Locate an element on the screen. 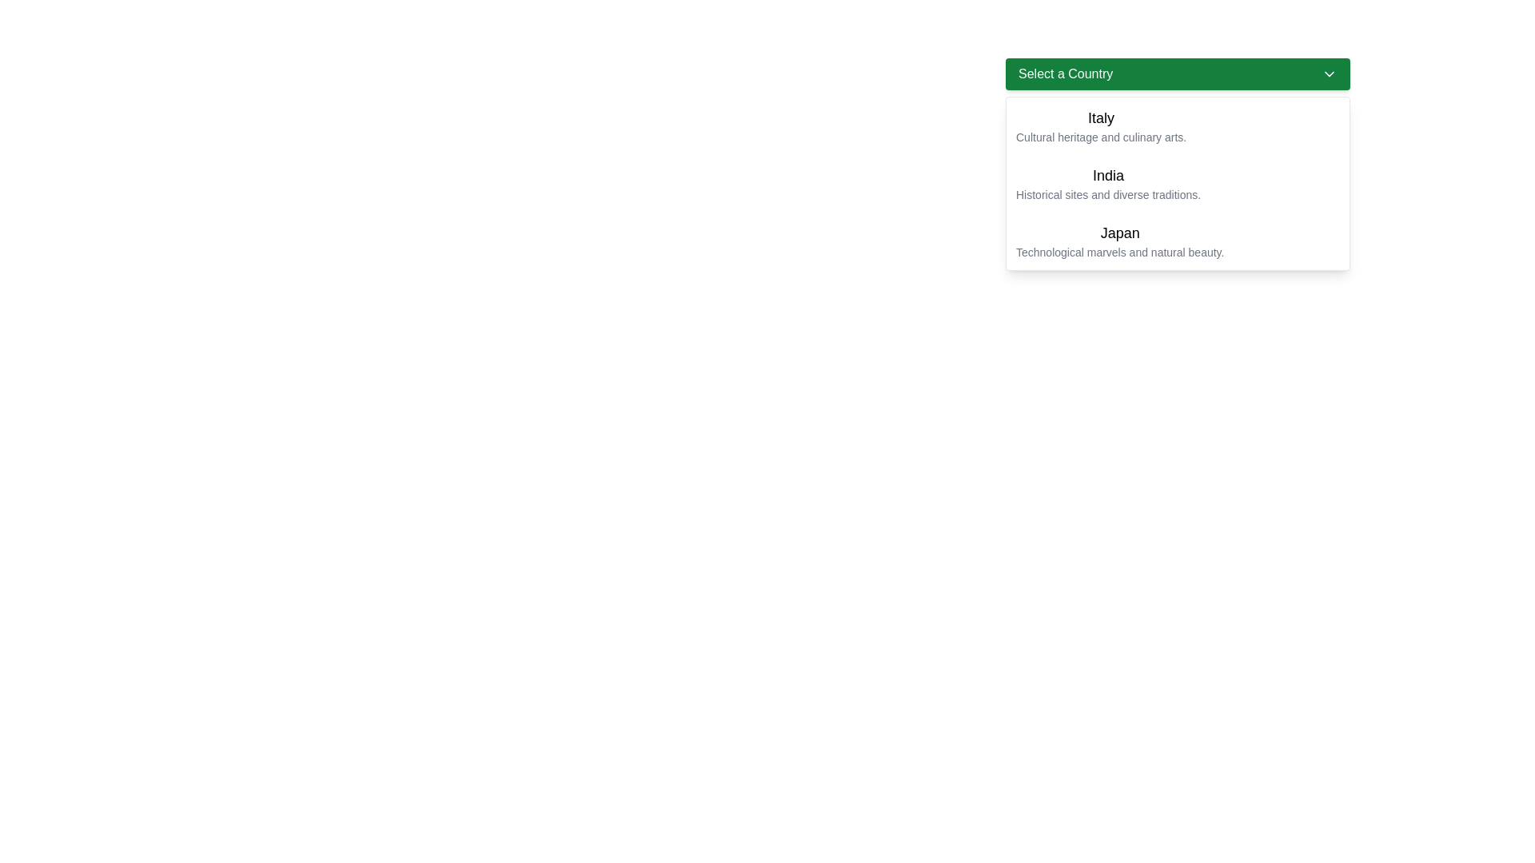 Image resolution: width=1535 pixels, height=863 pixels. the dropdown list item labeled 'Italy' to navigate is located at coordinates (1100, 125).